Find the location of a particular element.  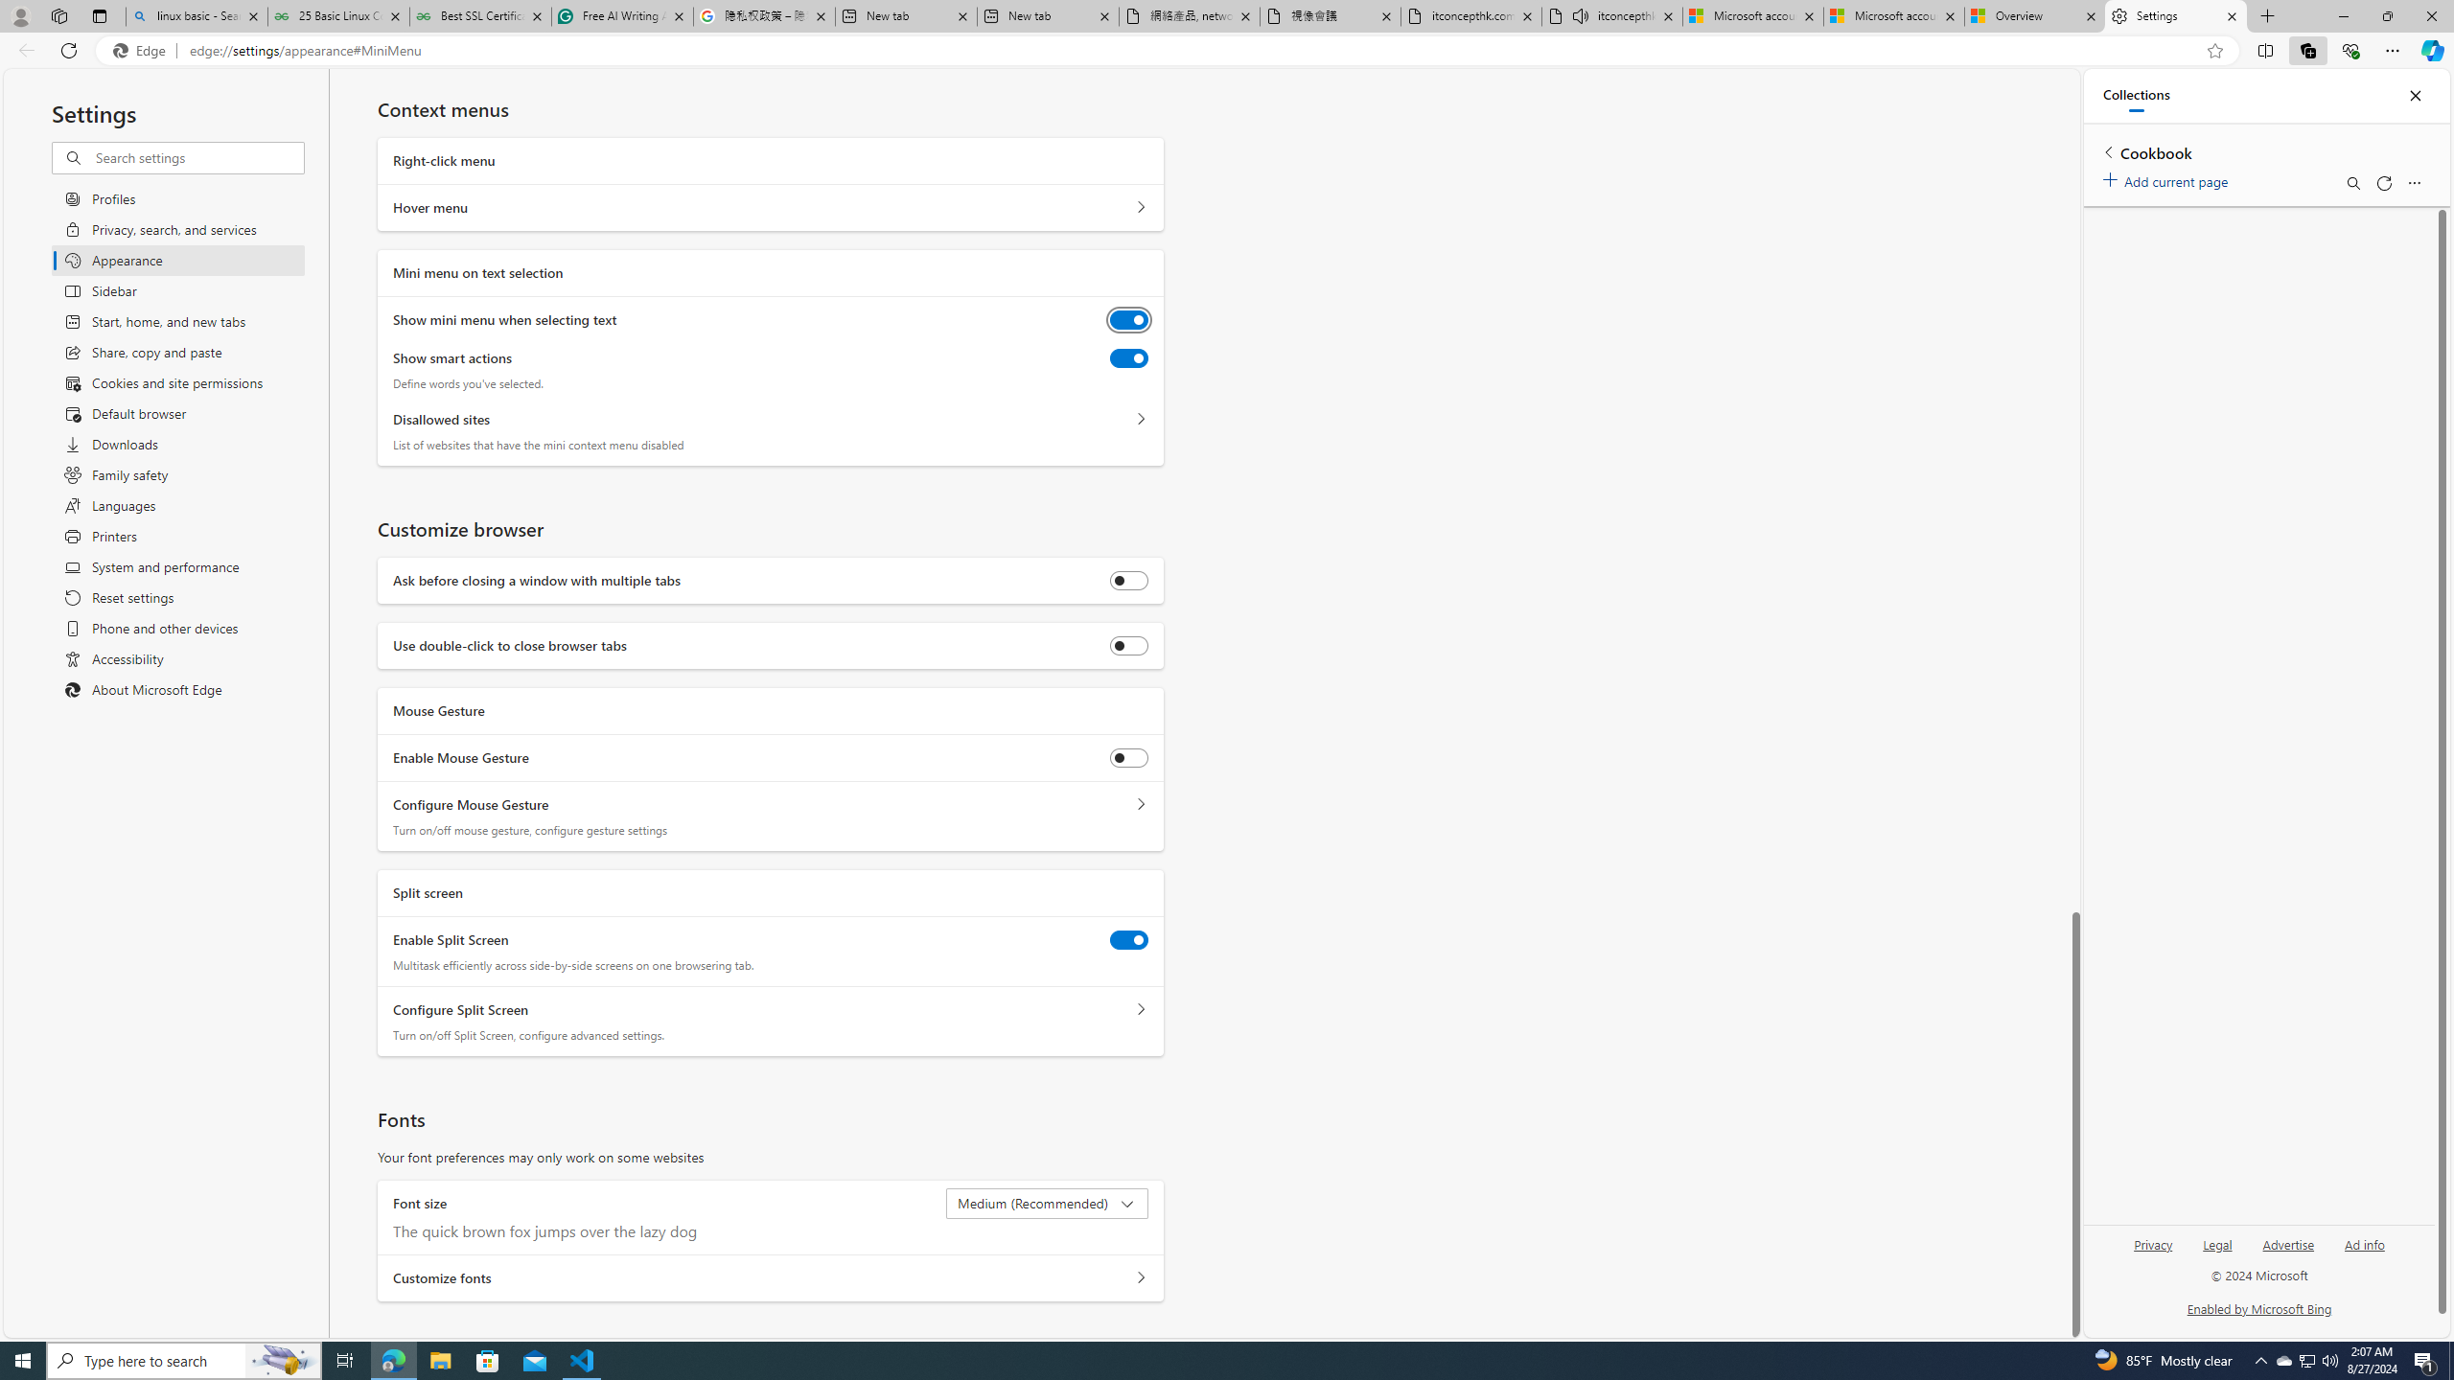

'linux basic - Search' is located at coordinates (195, 15).